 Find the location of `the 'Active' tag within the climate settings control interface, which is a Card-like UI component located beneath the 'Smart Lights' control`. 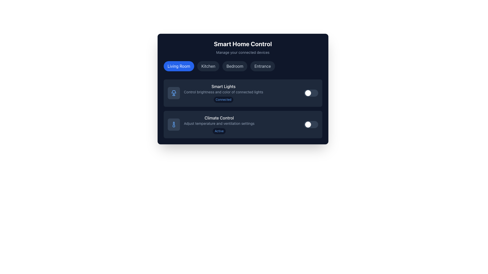

the 'Active' tag within the climate settings control interface, which is a Card-like UI component located beneath the 'Smart Lights' control is located at coordinates (242, 124).